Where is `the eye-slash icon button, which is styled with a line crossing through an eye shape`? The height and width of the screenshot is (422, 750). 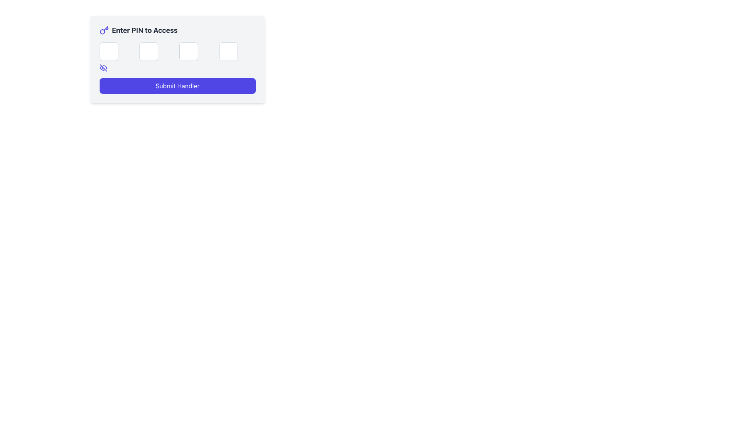
the eye-slash icon button, which is styled with a line crossing through an eye shape is located at coordinates (103, 67).